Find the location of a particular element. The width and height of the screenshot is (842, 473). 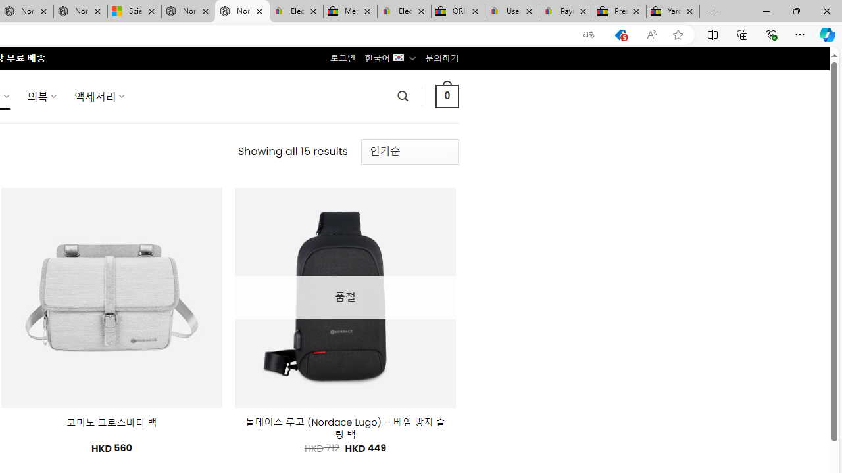

'Press Room - eBay Inc.' is located at coordinates (619, 11).